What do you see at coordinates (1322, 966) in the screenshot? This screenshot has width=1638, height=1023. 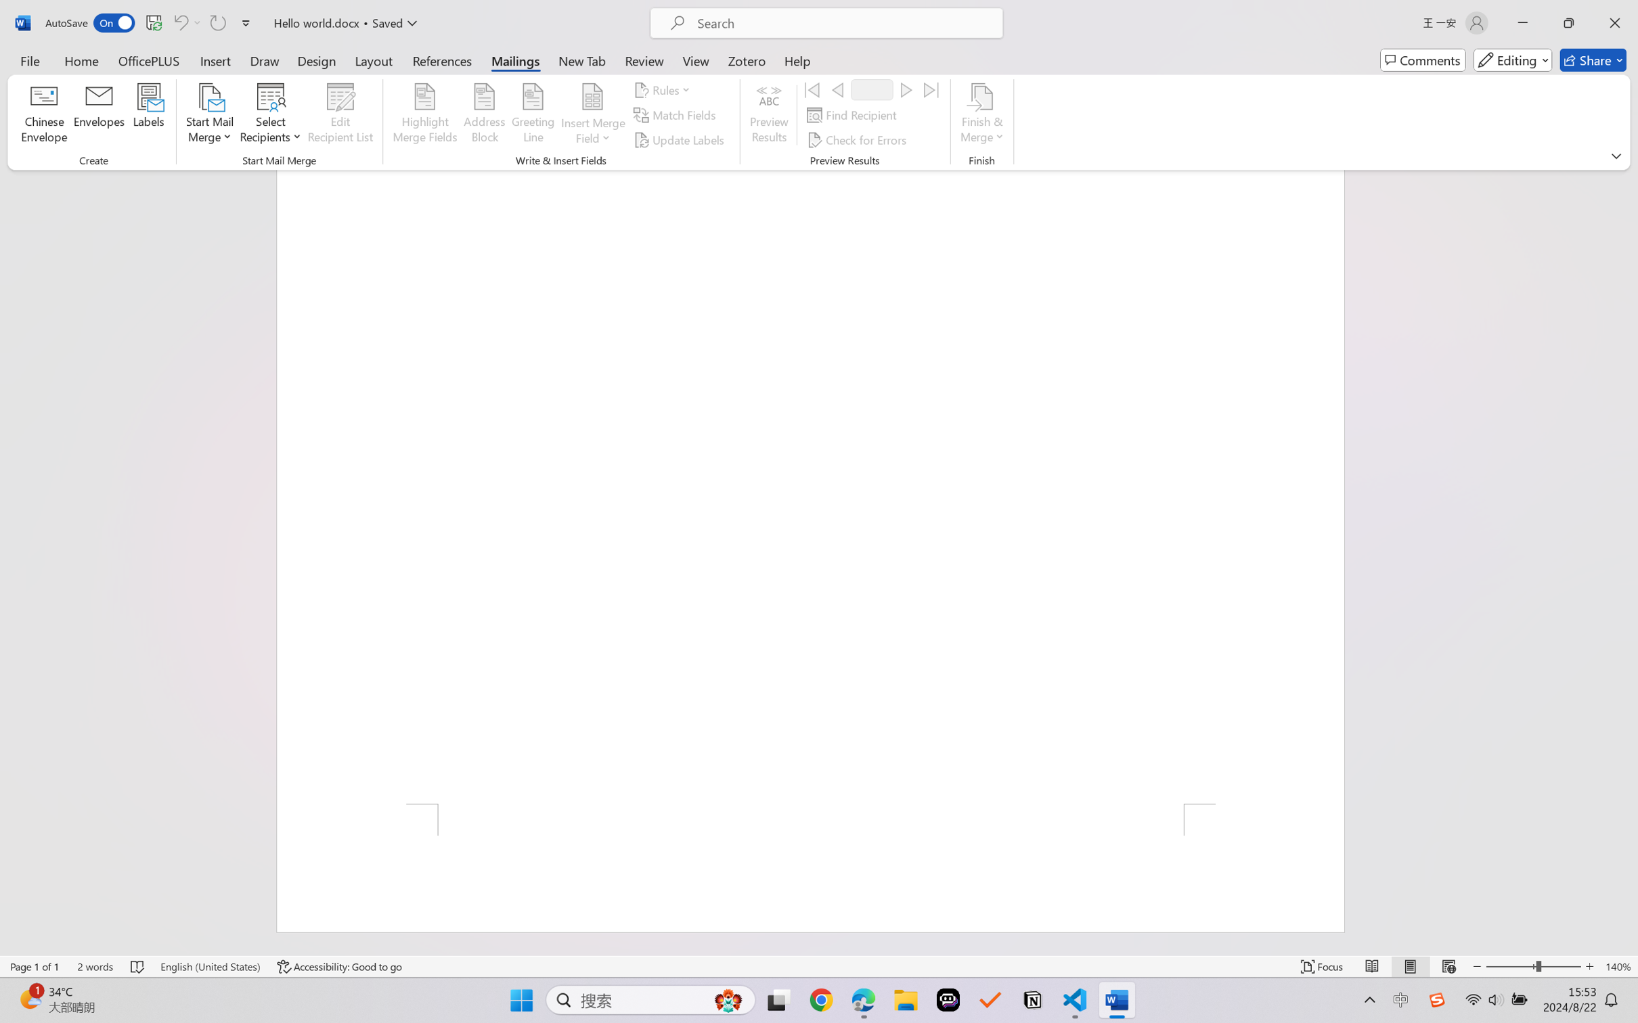 I see `'Focus '` at bounding box center [1322, 966].